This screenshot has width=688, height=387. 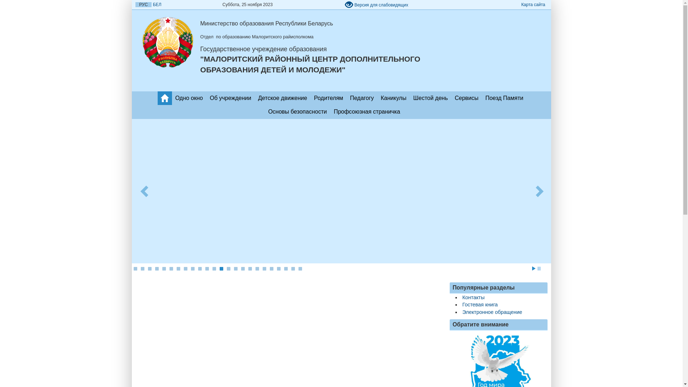 I want to click on '13', so click(x=221, y=268).